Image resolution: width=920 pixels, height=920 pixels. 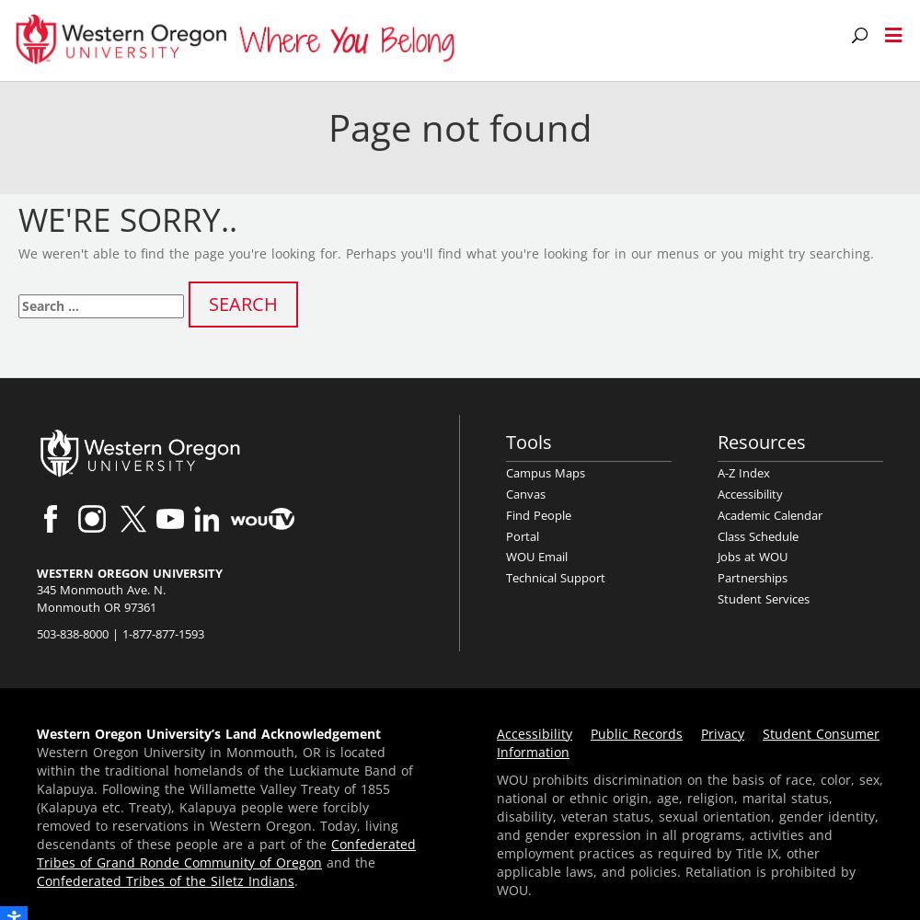 I want to click on 'Student Consumer Information', so click(x=497, y=742).